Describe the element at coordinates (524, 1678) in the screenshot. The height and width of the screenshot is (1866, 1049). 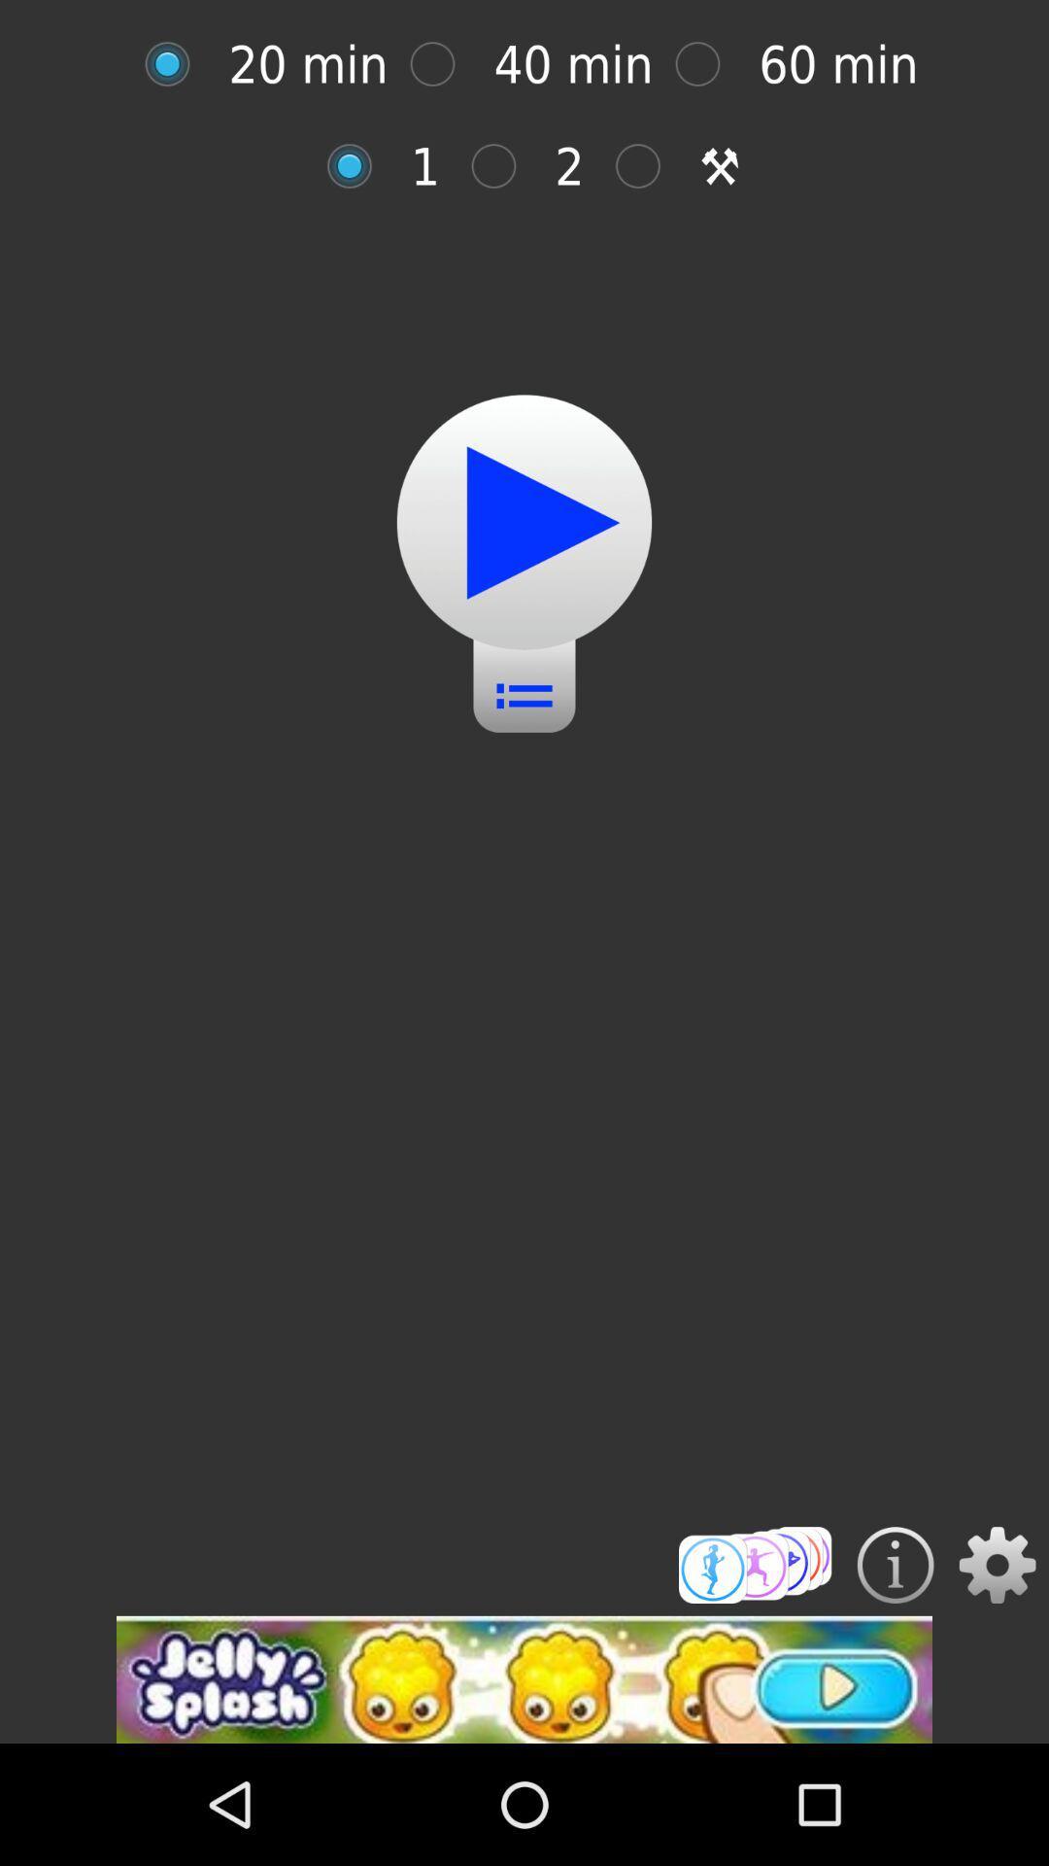
I see `the advertisement` at that location.